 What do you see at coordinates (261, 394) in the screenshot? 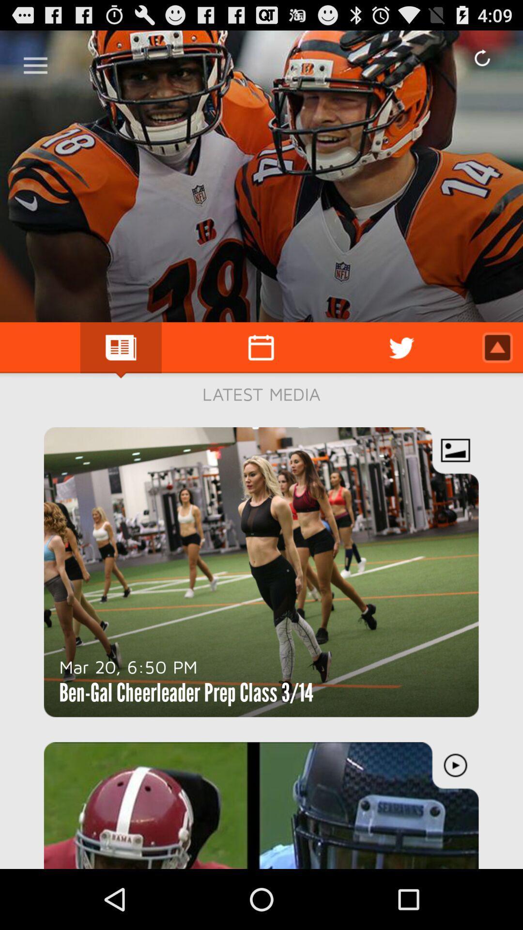
I see `the latest media` at bounding box center [261, 394].